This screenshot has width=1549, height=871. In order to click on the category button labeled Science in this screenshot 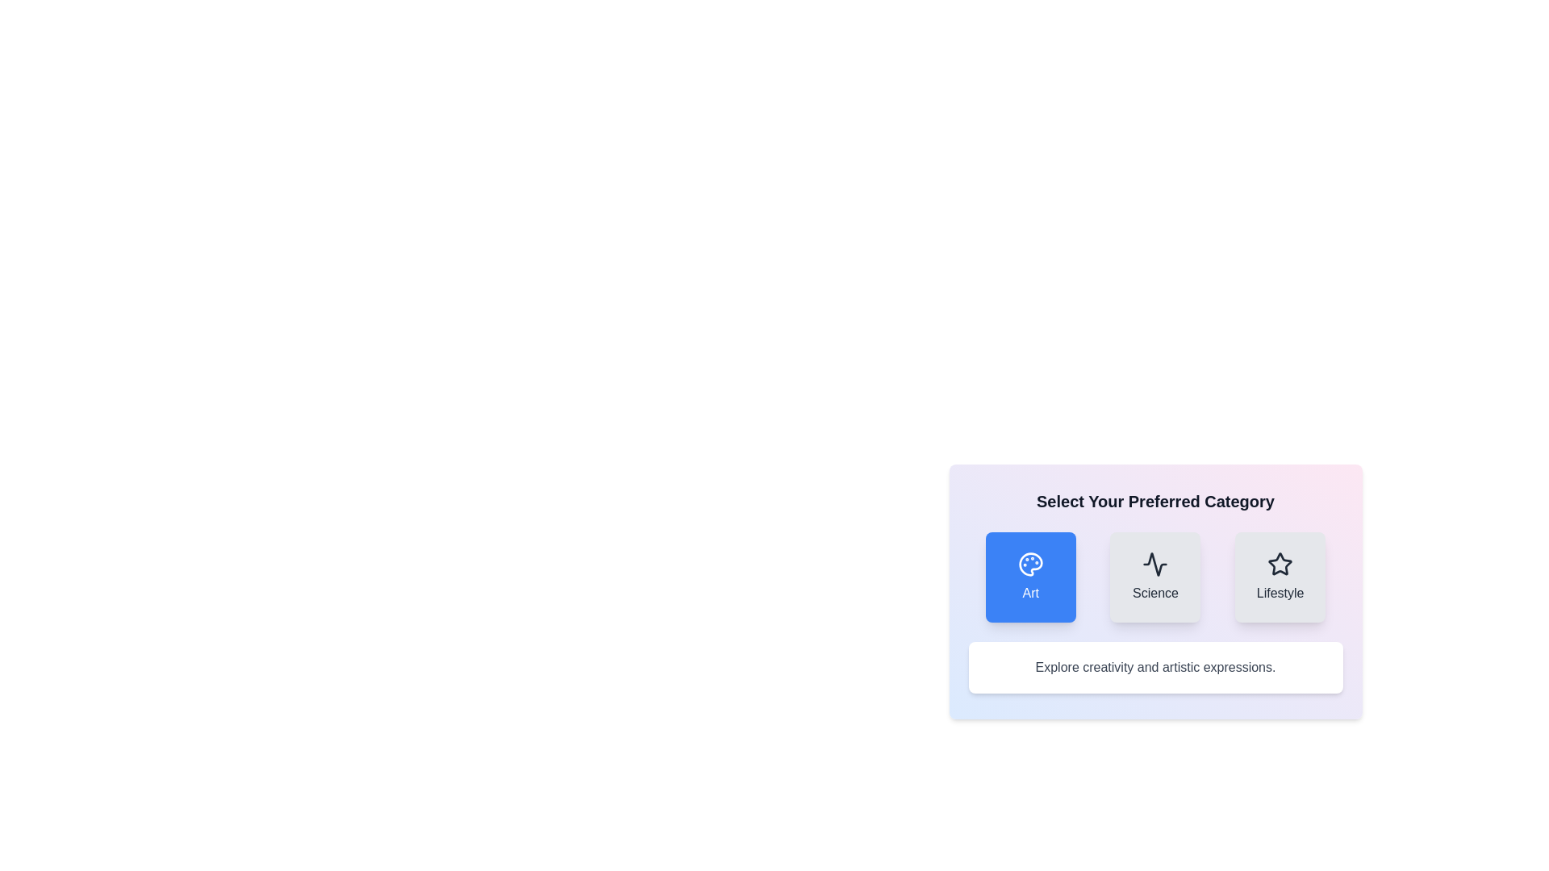, I will do `click(1154, 577)`.